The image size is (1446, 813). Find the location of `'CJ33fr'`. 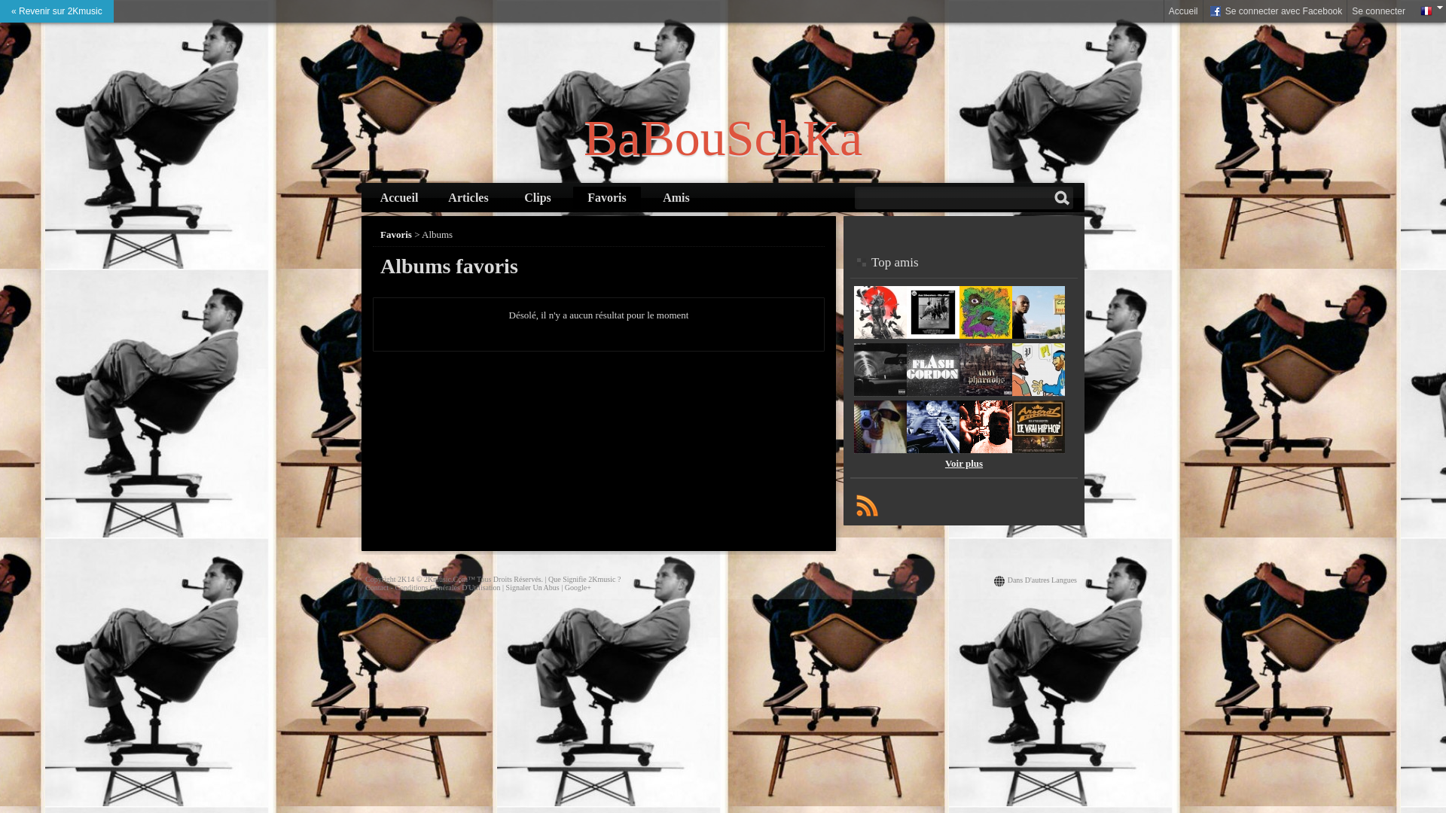

'CJ33fr' is located at coordinates (932, 335).